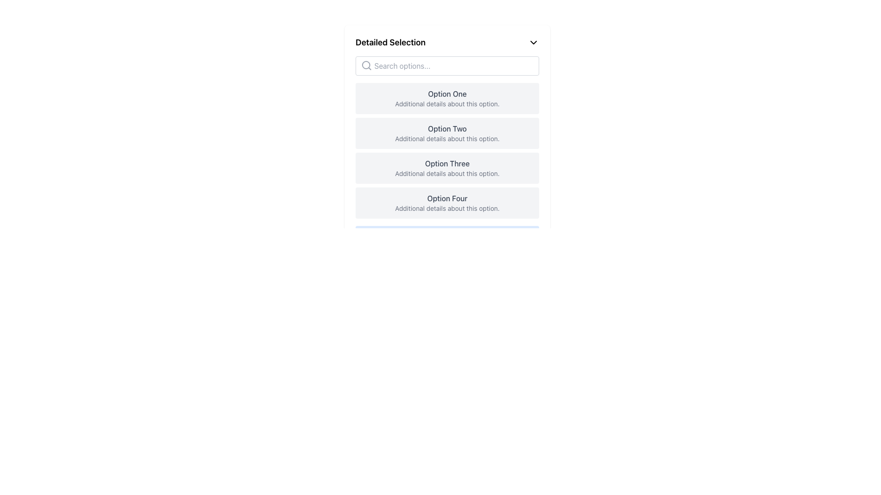 This screenshot has height=495, width=881. I want to click on the Textual List Item displaying 'Option Four' with additional details through keyboard navigation, so click(447, 203).